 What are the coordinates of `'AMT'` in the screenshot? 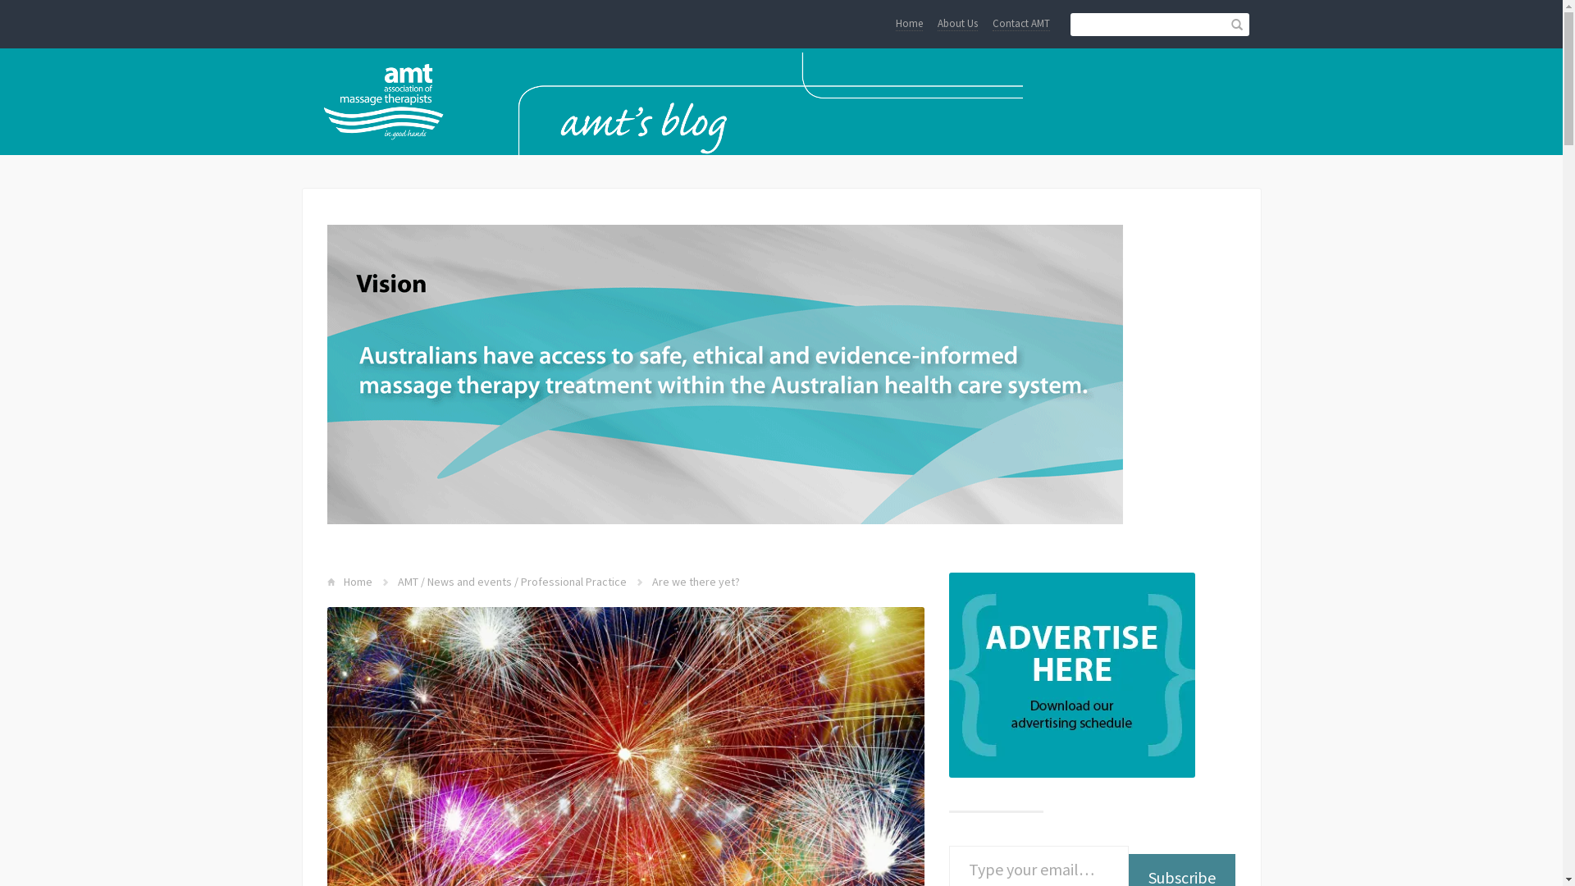 It's located at (407, 581).